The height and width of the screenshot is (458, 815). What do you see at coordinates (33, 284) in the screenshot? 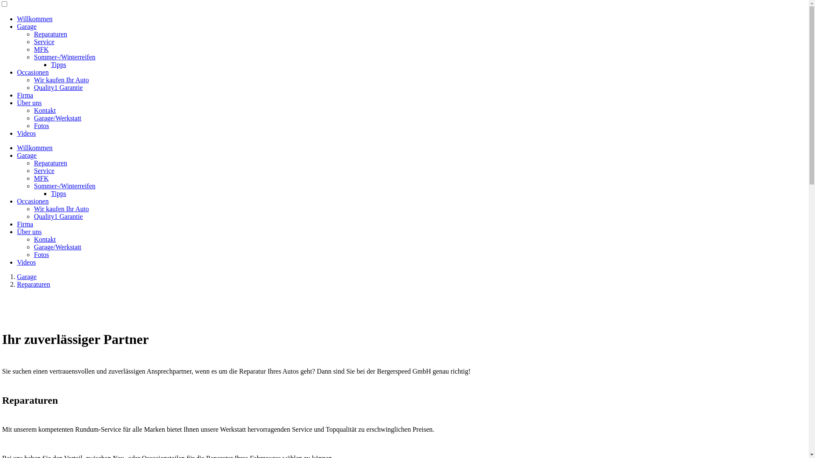
I see `'Reparaturen'` at bounding box center [33, 284].